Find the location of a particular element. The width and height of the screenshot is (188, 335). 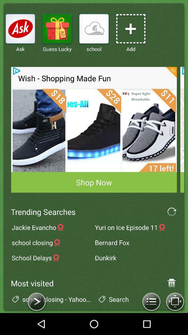

the list icon is located at coordinates (151, 323).